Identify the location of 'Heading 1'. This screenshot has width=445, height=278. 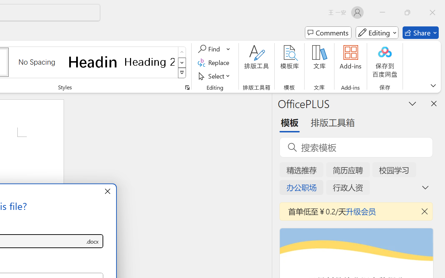
(93, 62).